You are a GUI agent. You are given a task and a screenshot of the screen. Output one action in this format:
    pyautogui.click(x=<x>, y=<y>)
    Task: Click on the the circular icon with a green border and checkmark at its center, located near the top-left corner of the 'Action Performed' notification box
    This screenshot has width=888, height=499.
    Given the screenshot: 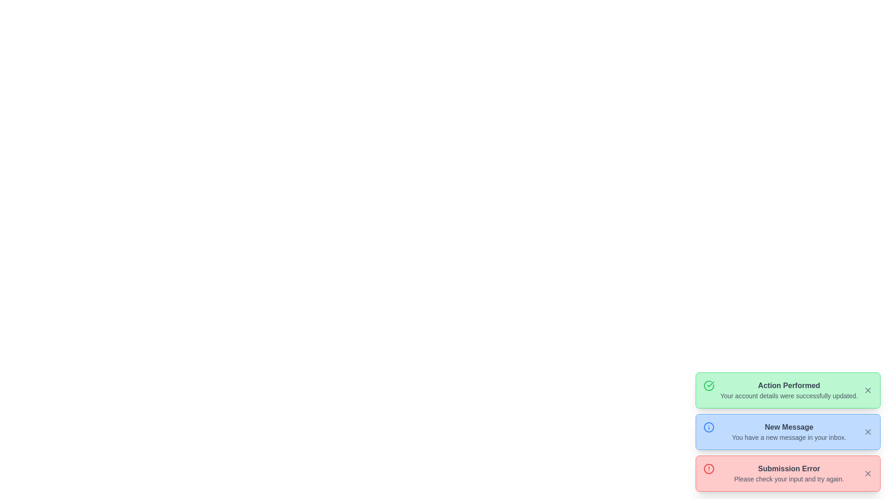 What is the action you would take?
    pyautogui.click(x=709, y=385)
    